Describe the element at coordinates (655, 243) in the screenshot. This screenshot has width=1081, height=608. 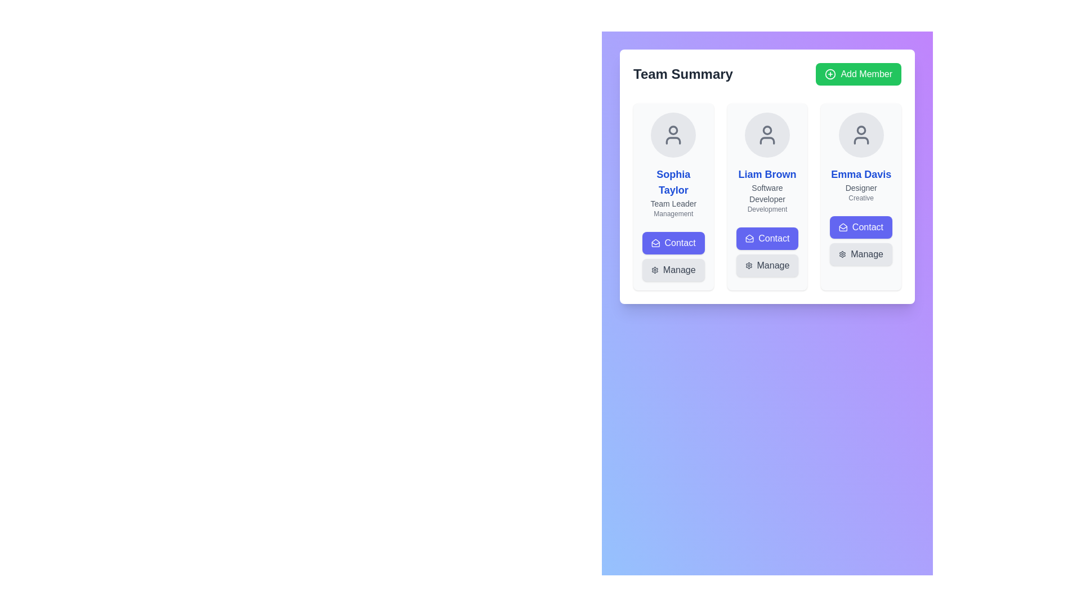
I see `the open envelope icon representing email communication located within the 'Contact' button for user 'Liam Brown'` at that location.